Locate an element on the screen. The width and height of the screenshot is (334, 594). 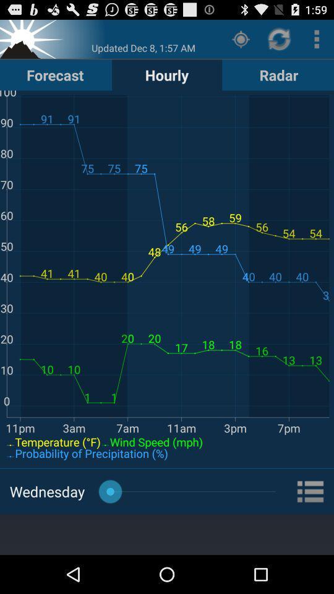
sunsed is located at coordinates (33, 38).